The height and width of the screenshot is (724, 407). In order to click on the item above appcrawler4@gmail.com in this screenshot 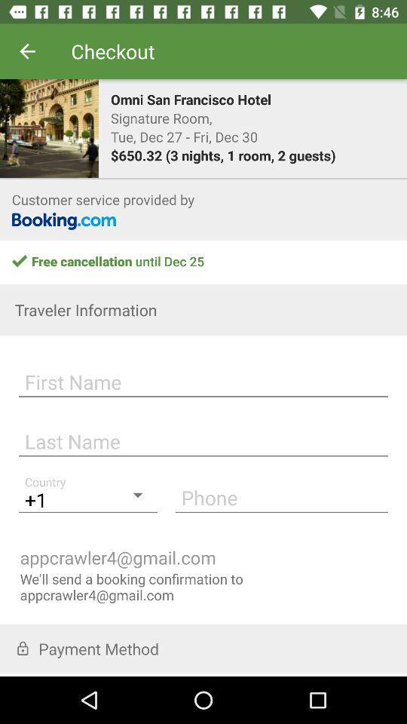, I will do `click(281, 496)`.